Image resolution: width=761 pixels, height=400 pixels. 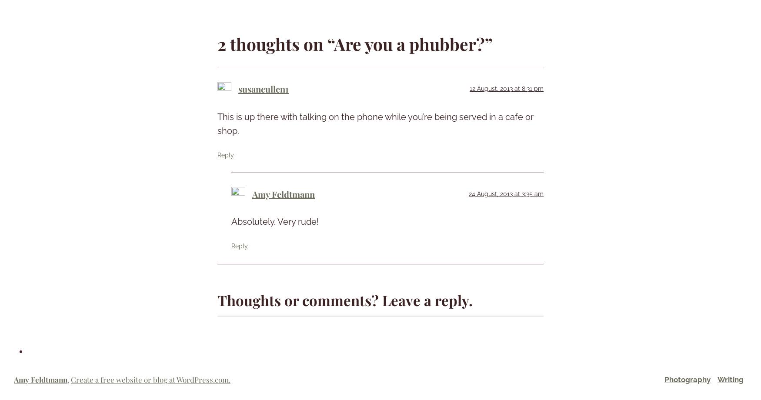 I want to click on '12 August, 2013 at 8:31 pm', so click(x=506, y=88).